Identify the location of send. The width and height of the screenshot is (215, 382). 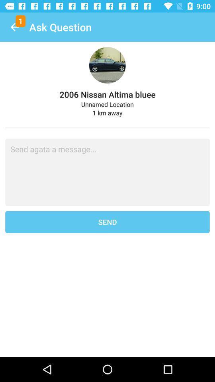
(107, 222).